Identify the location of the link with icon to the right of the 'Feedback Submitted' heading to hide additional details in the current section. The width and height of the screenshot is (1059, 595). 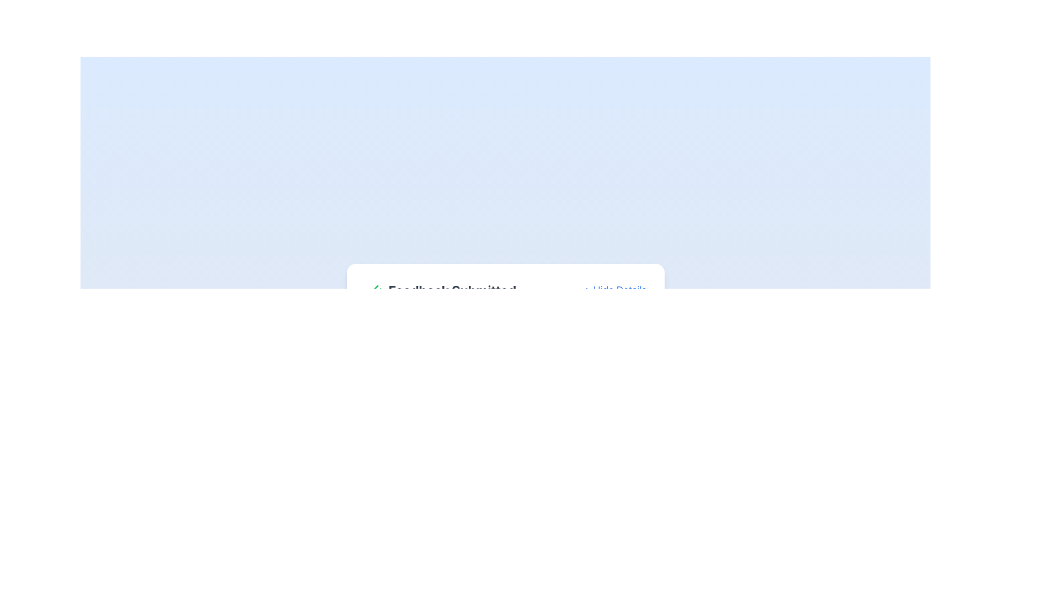
(613, 289).